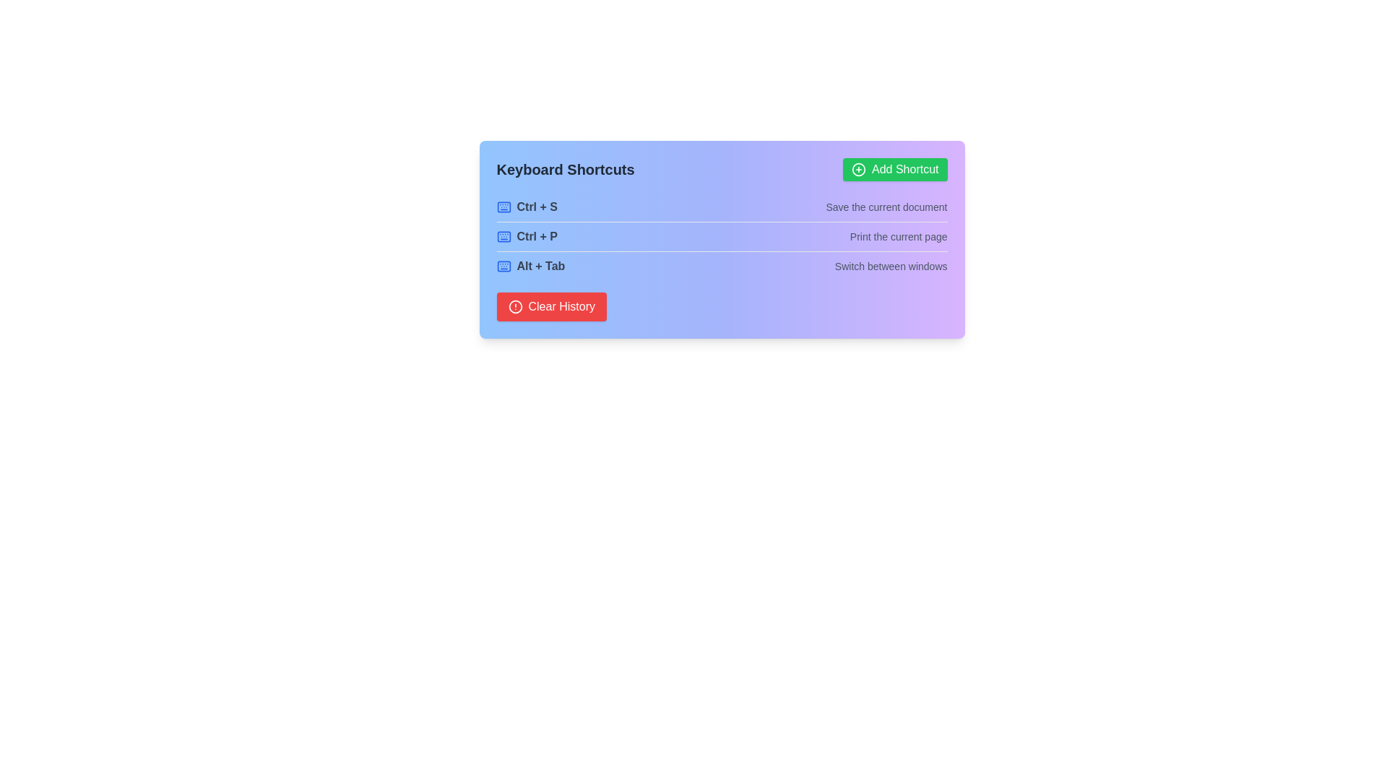 This screenshot has height=780, width=1387. I want to click on the 'Clear History' button located at the bottom left of the keyboard shortcuts card, so click(550, 305).